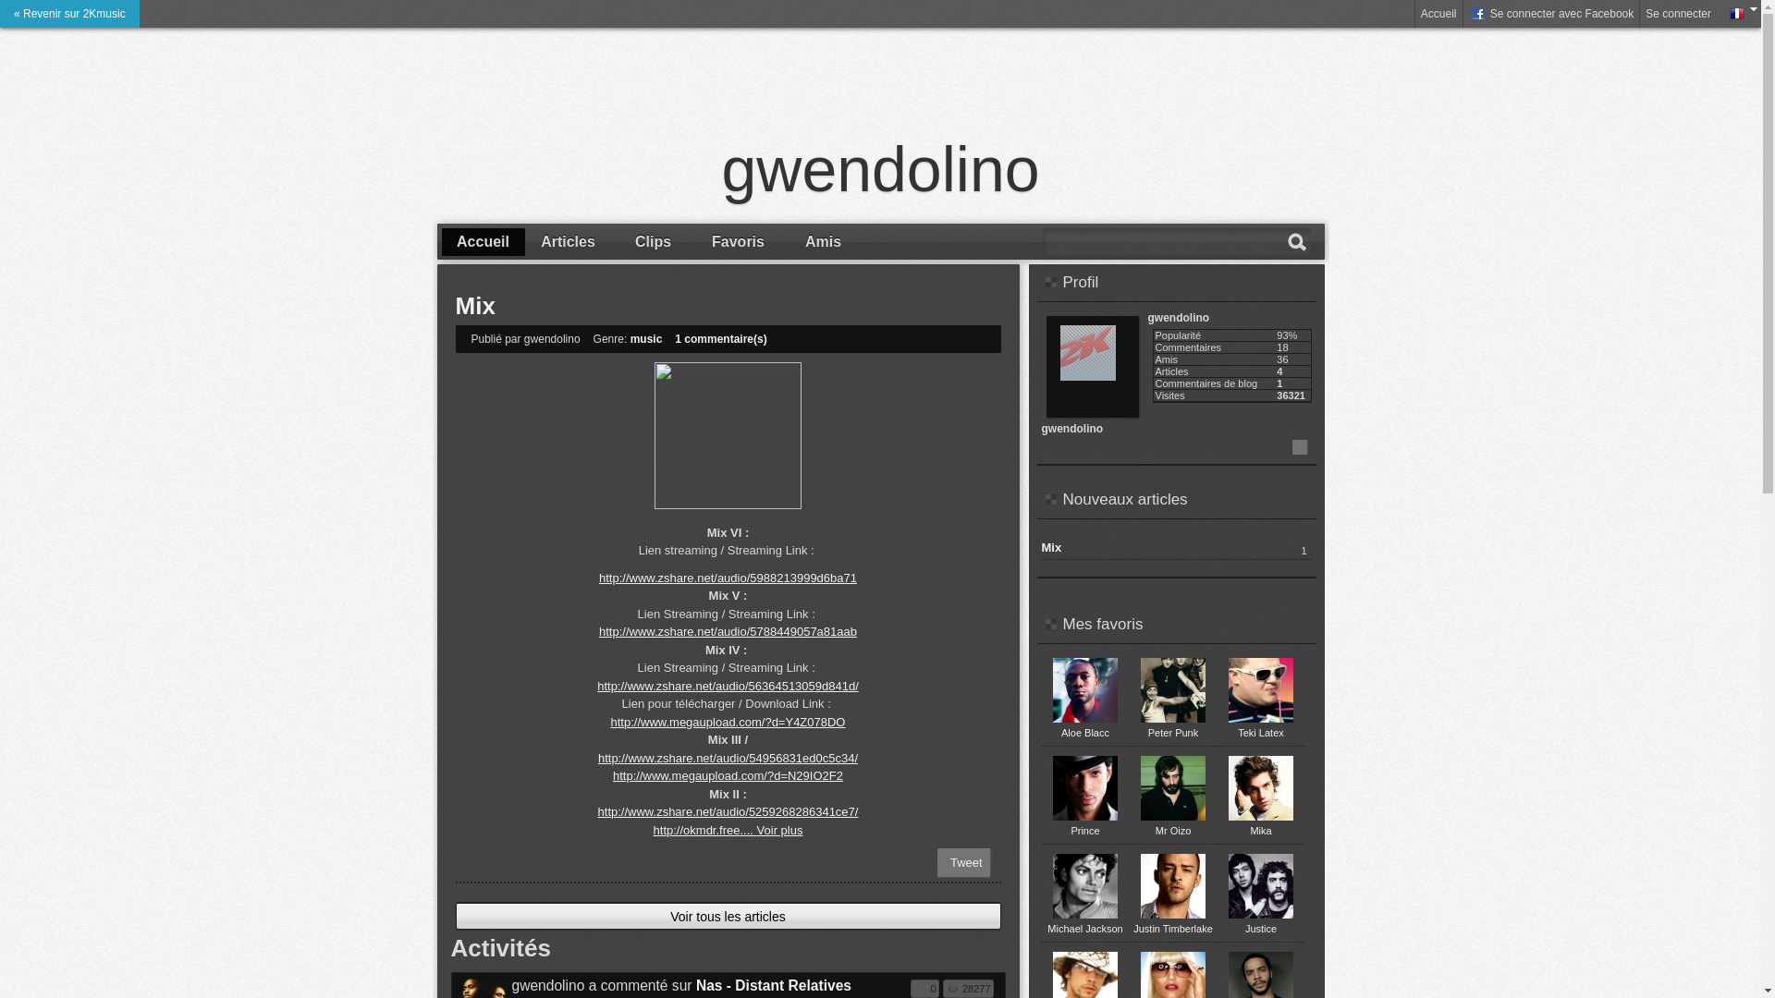  I want to click on 'http://okmdr.free....', so click(704, 828).